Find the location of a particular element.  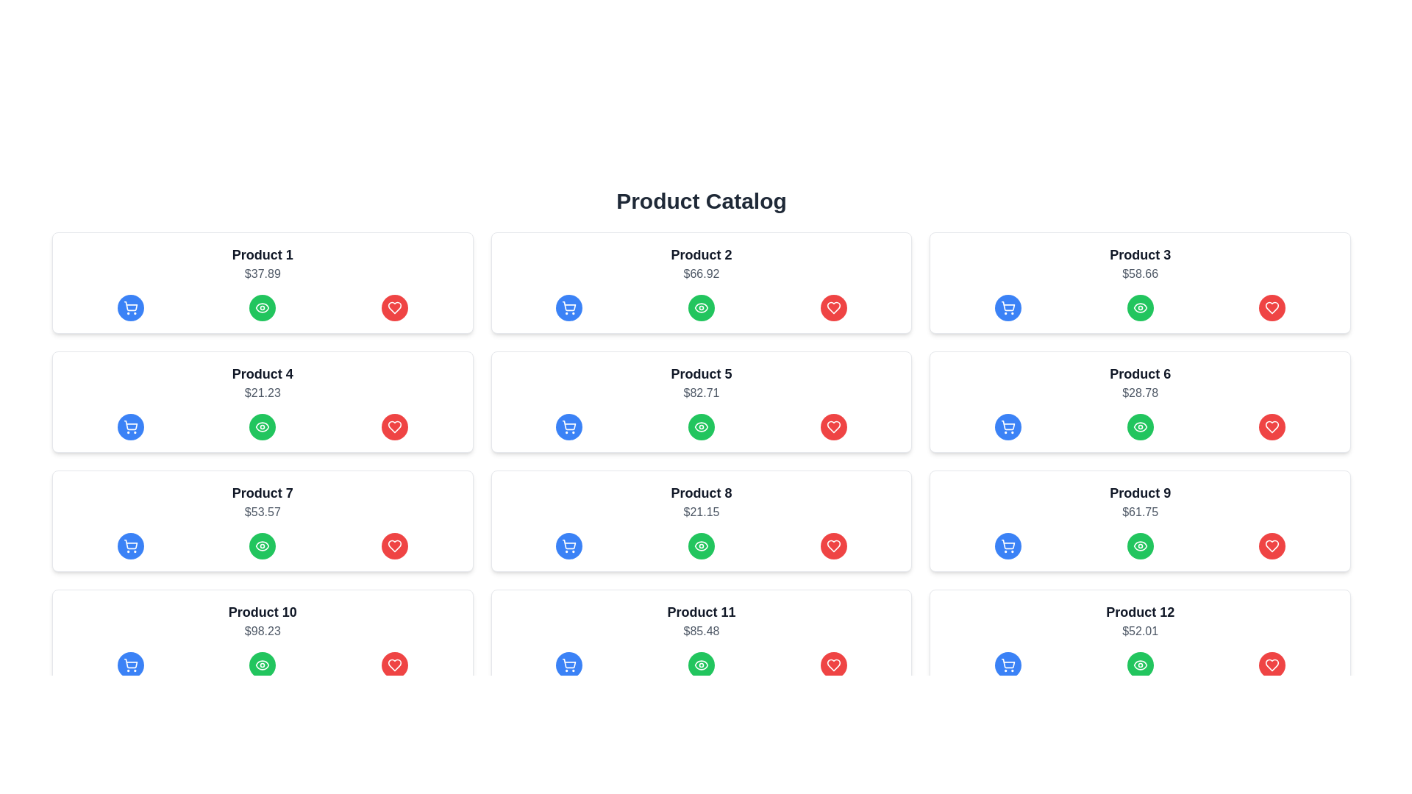

the heart-shaped icon at the right end of the product card for 'Product 9' to mark the product as favorite or unfavorite is located at coordinates (1272, 665).